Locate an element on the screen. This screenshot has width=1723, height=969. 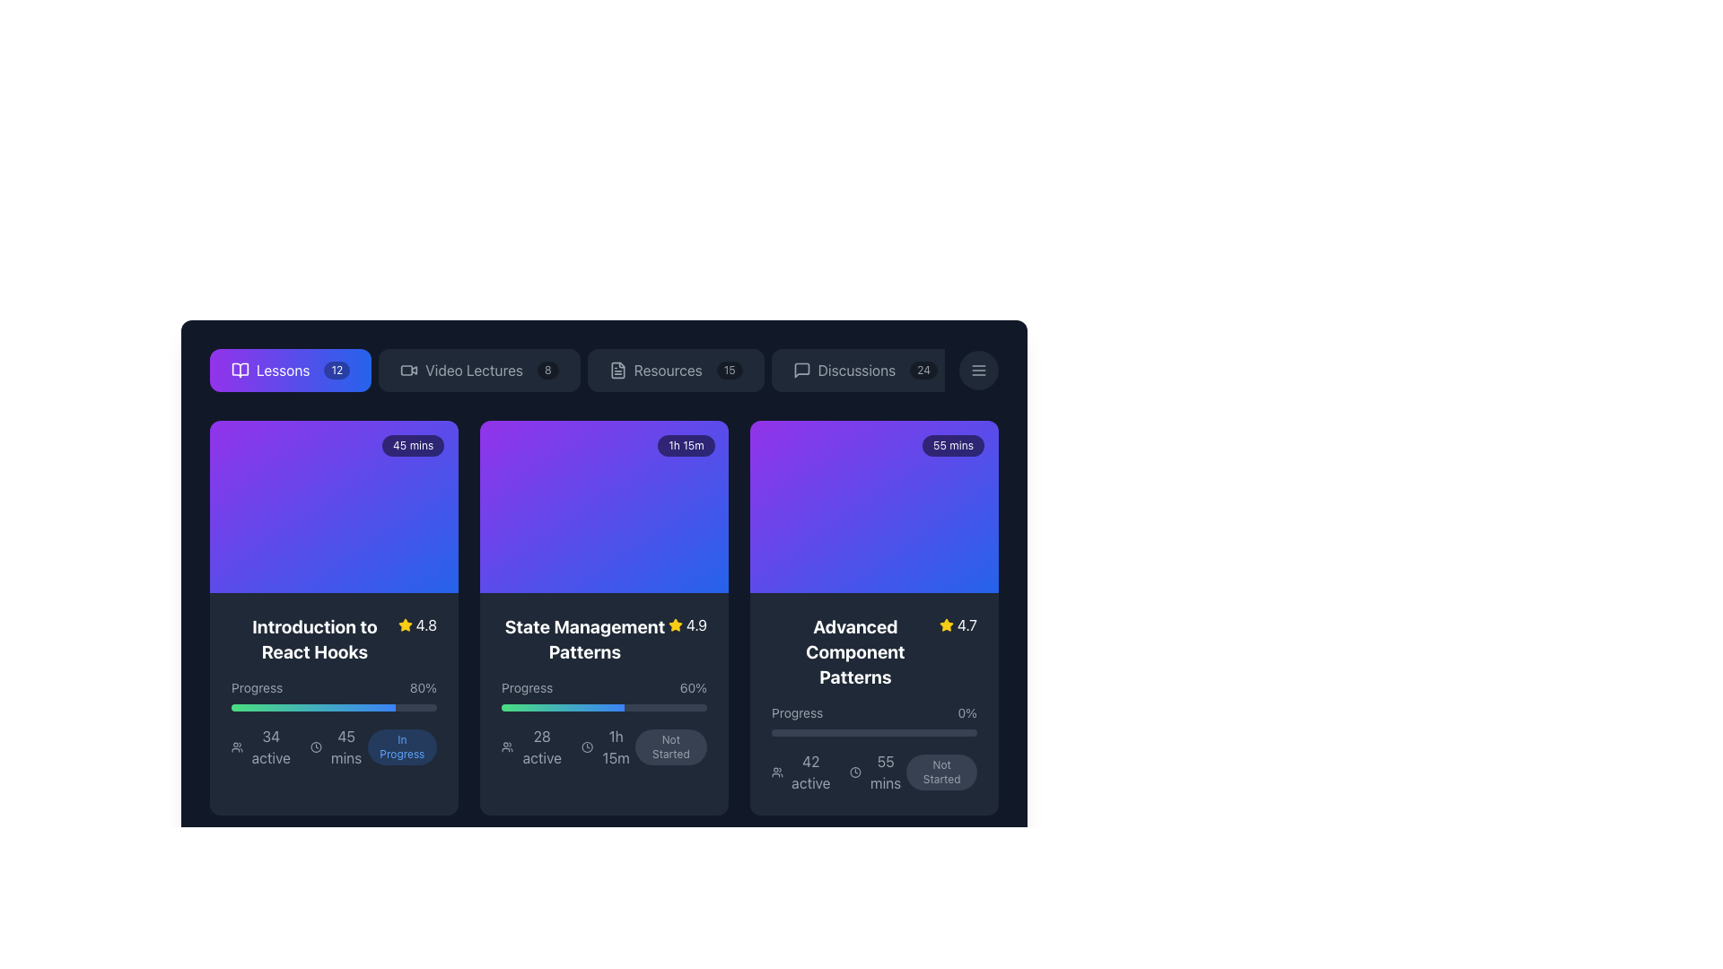
the Rating display showing a numerical rating '4.7' in bold white font with a yellow star icon to its left, located in the bottom-right corner of the 'Advanced Component Patterns' box is located at coordinates (957, 624).